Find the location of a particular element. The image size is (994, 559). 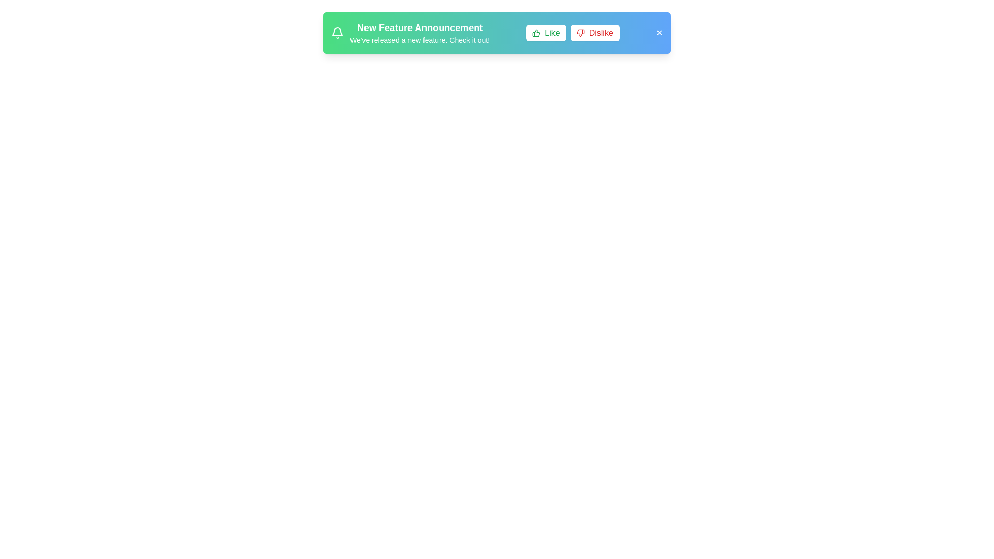

the 'Dislike' button to express disapproval is located at coordinates (594, 33).